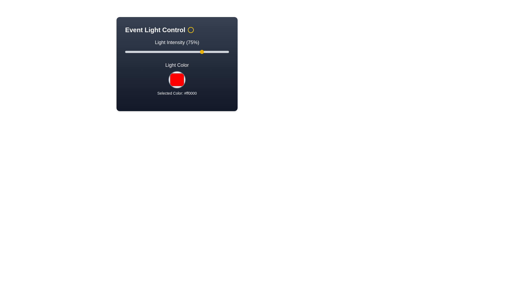 The height and width of the screenshot is (292, 519). What do you see at coordinates (177, 79) in the screenshot?
I see `the color picker to open the color selection interface` at bounding box center [177, 79].